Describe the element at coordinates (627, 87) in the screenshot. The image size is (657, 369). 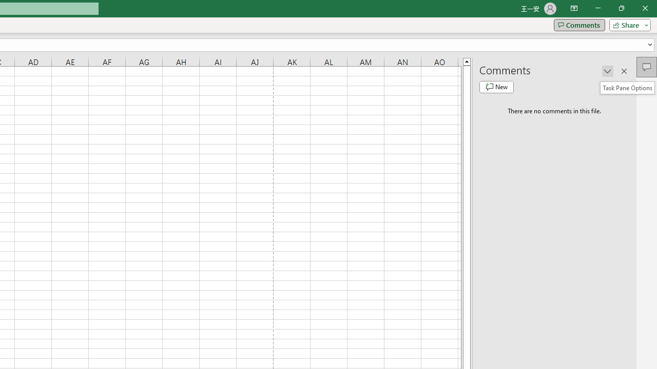
I see `'Task Pane Options'` at that location.